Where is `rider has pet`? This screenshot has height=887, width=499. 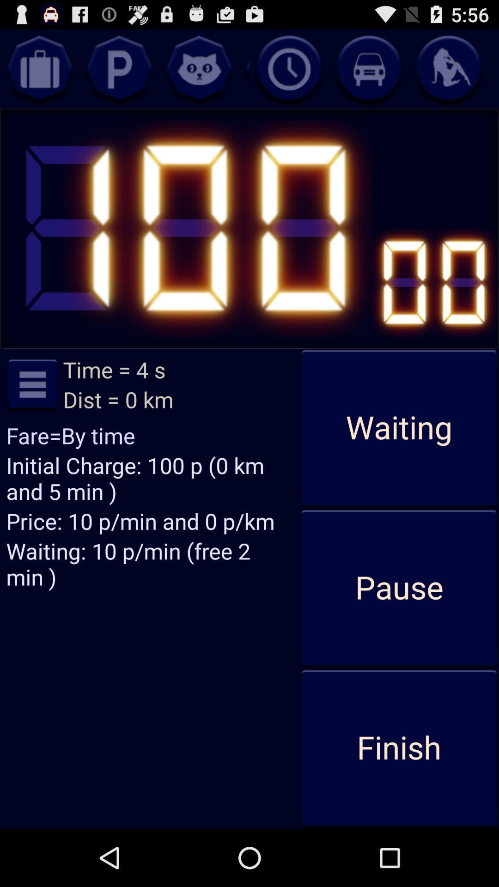
rider has pet is located at coordinates (199, 68).